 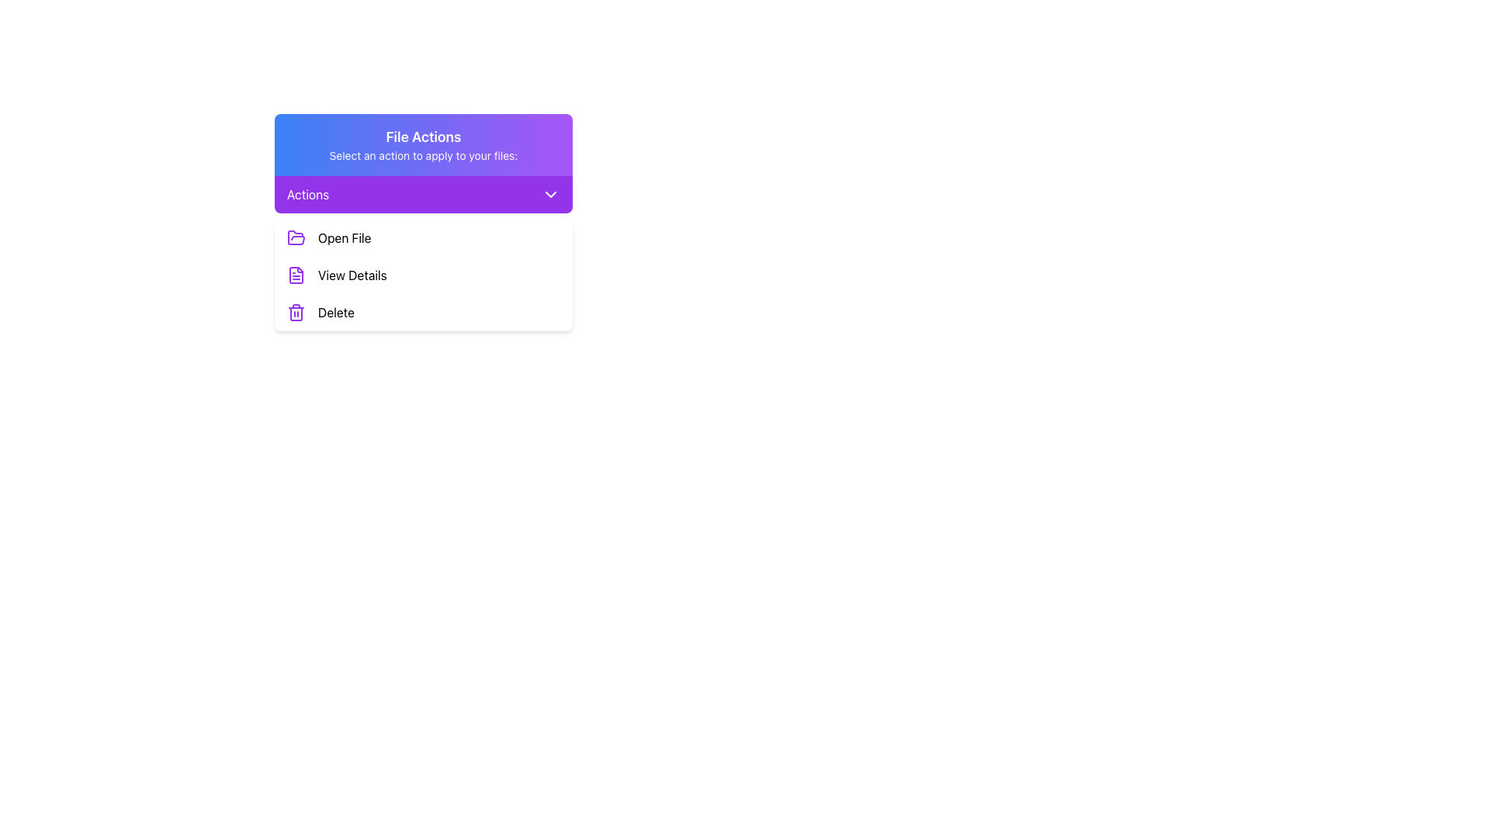 What do you see at coordinates (424, 274) in the screenshot?
I see `to select the second menu option in the 'File Actions' menu, which allows users` at bounding box center [424, 274].